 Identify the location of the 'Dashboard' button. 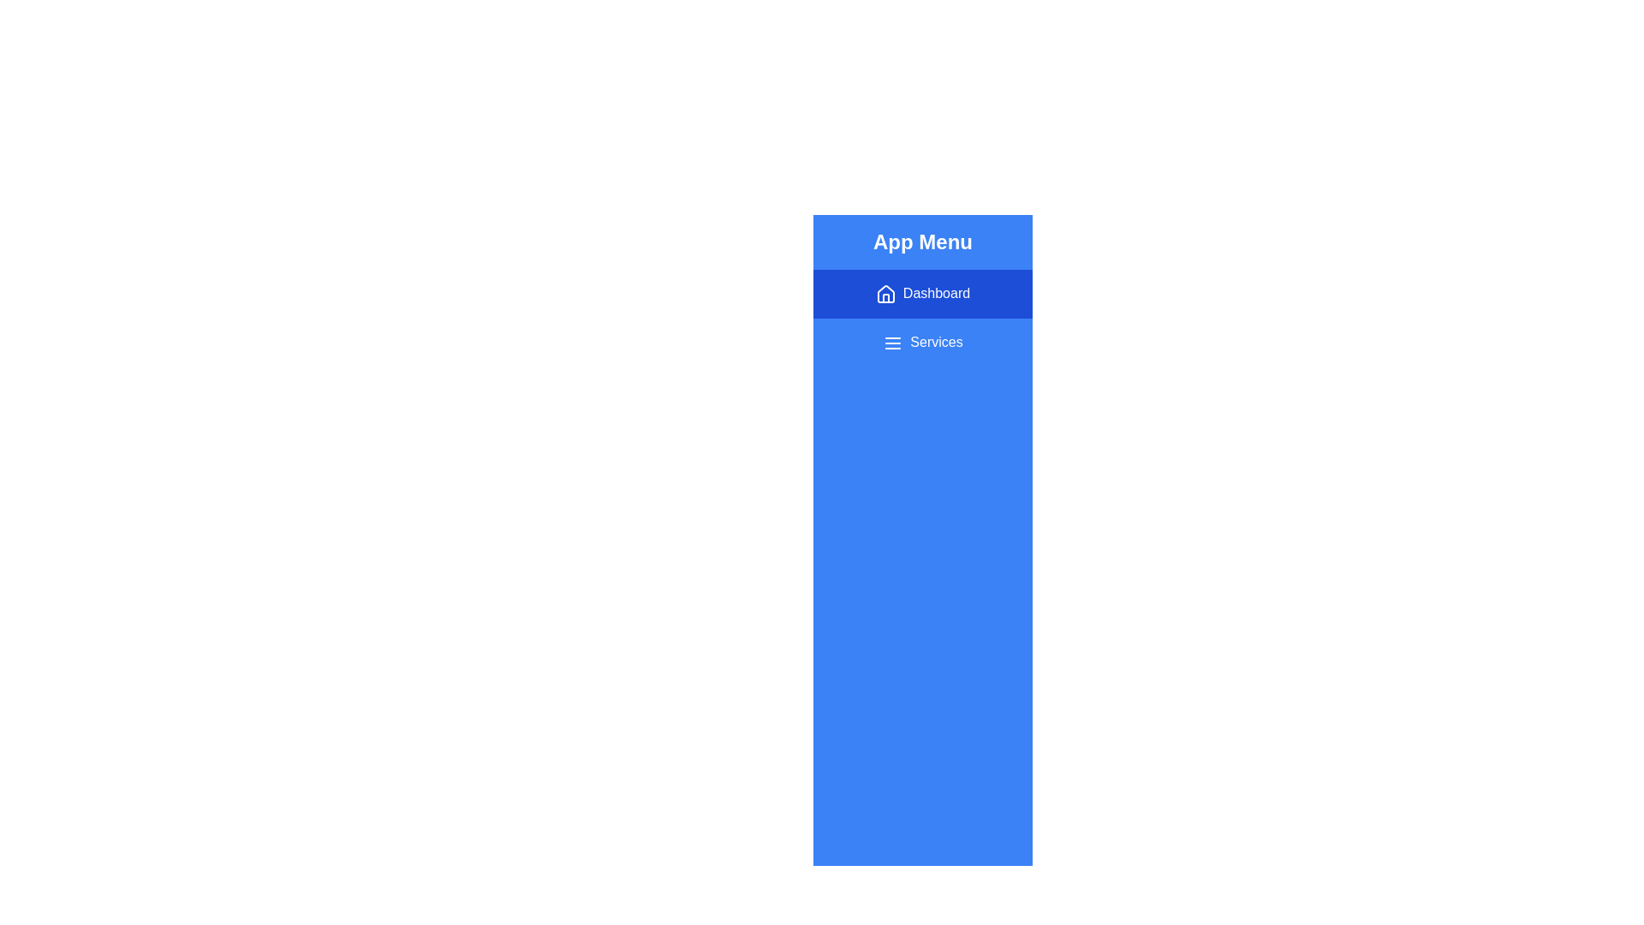
(922, 293).